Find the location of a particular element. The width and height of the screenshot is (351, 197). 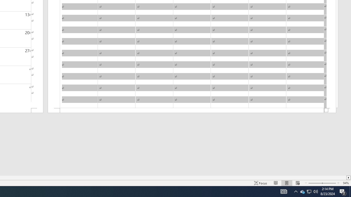

'Column right' is located at coordinates (348, 178).